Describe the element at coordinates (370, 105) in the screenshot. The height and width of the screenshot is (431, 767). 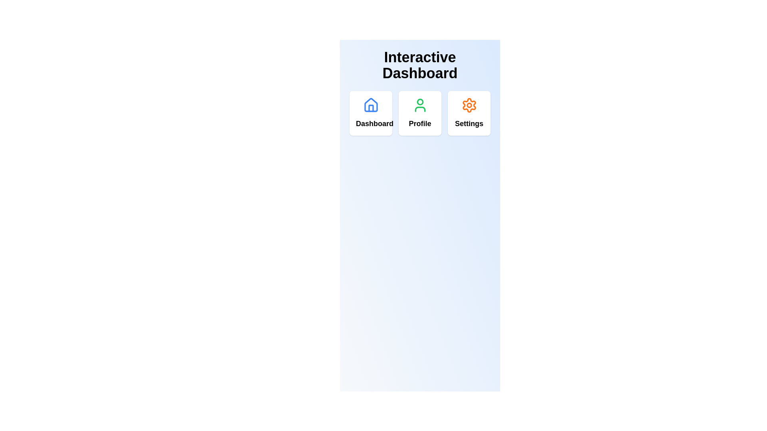
I see `the home icon located within the first card labeled 'Dashboard'` at that location.